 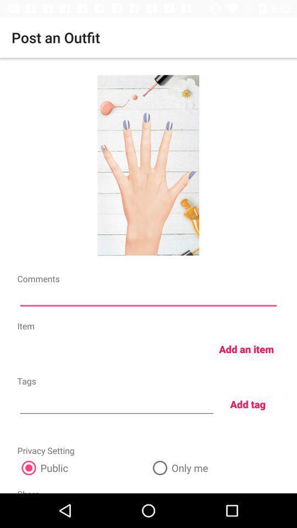 What do you see at coordinates (246, 348) in the screenshot?
I see `item on the right` at bounding box center [246, 348].